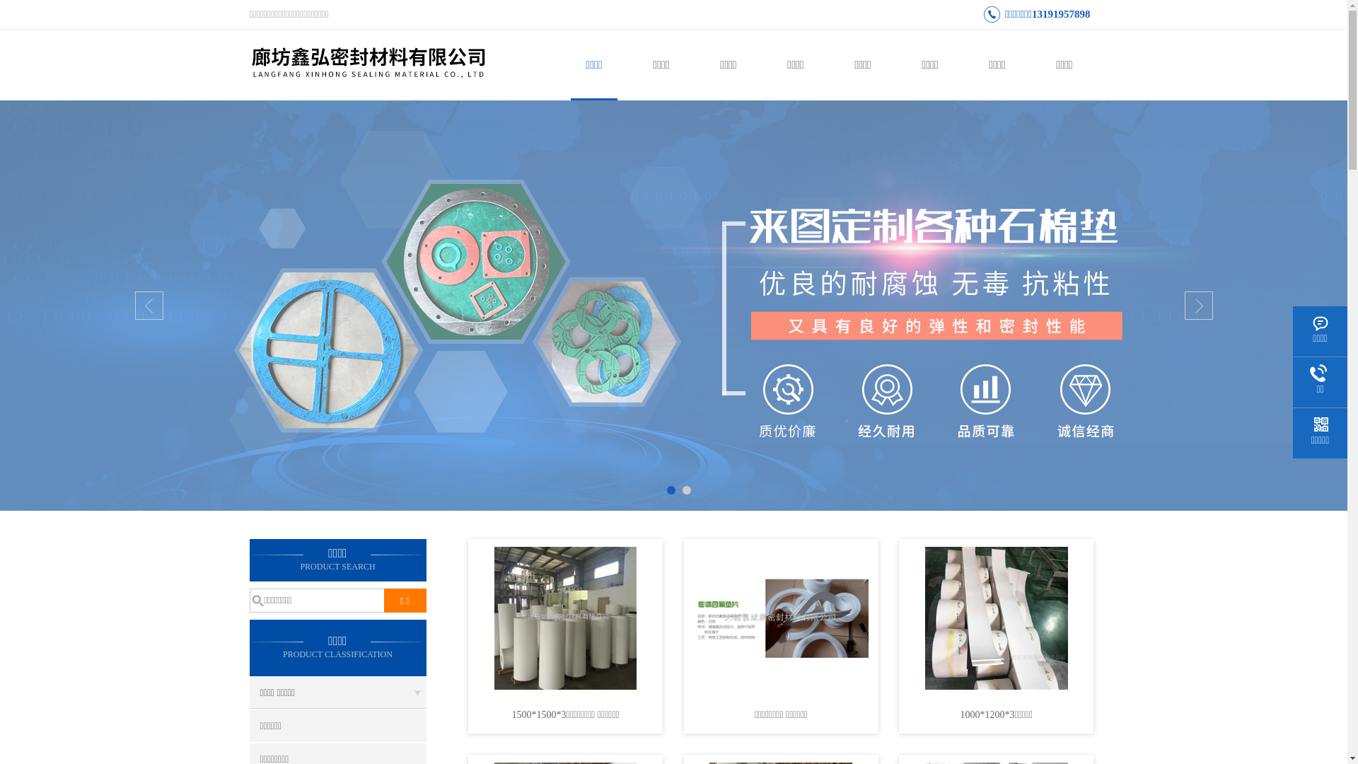  I want to click on '13191957898', so click(1061, 13).